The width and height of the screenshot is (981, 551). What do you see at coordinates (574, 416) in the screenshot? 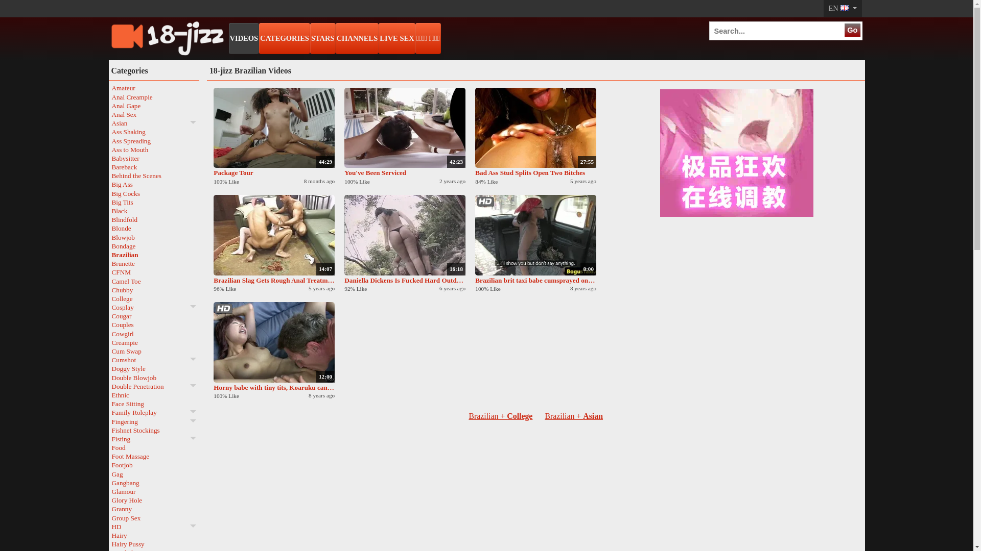
I see `'Brazilian + Asian'` at bounding box center [574, 416].